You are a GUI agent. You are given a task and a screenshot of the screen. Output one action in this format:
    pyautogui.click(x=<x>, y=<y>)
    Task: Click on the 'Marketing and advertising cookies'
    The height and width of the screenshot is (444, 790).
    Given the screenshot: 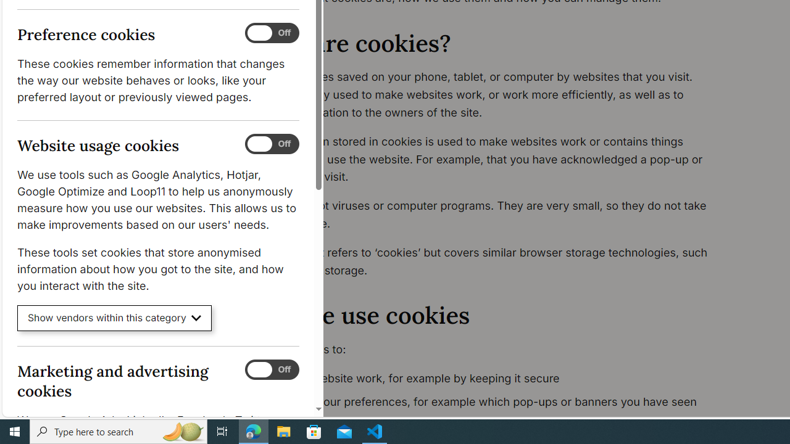 What is the action you would take?
    pyautogui.click(x=271, y=369)
    